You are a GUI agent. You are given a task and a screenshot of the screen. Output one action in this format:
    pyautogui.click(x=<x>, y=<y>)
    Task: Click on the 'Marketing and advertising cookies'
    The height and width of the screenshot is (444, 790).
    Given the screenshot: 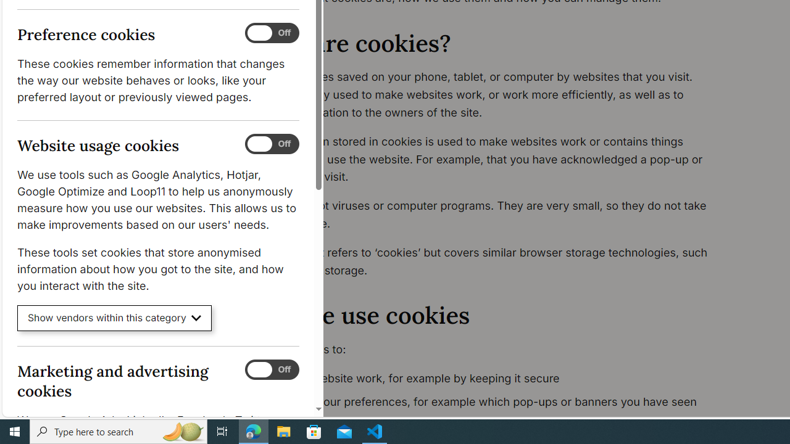 What is the action you would take?
    pyautogui.click(x=271, y=369)
    